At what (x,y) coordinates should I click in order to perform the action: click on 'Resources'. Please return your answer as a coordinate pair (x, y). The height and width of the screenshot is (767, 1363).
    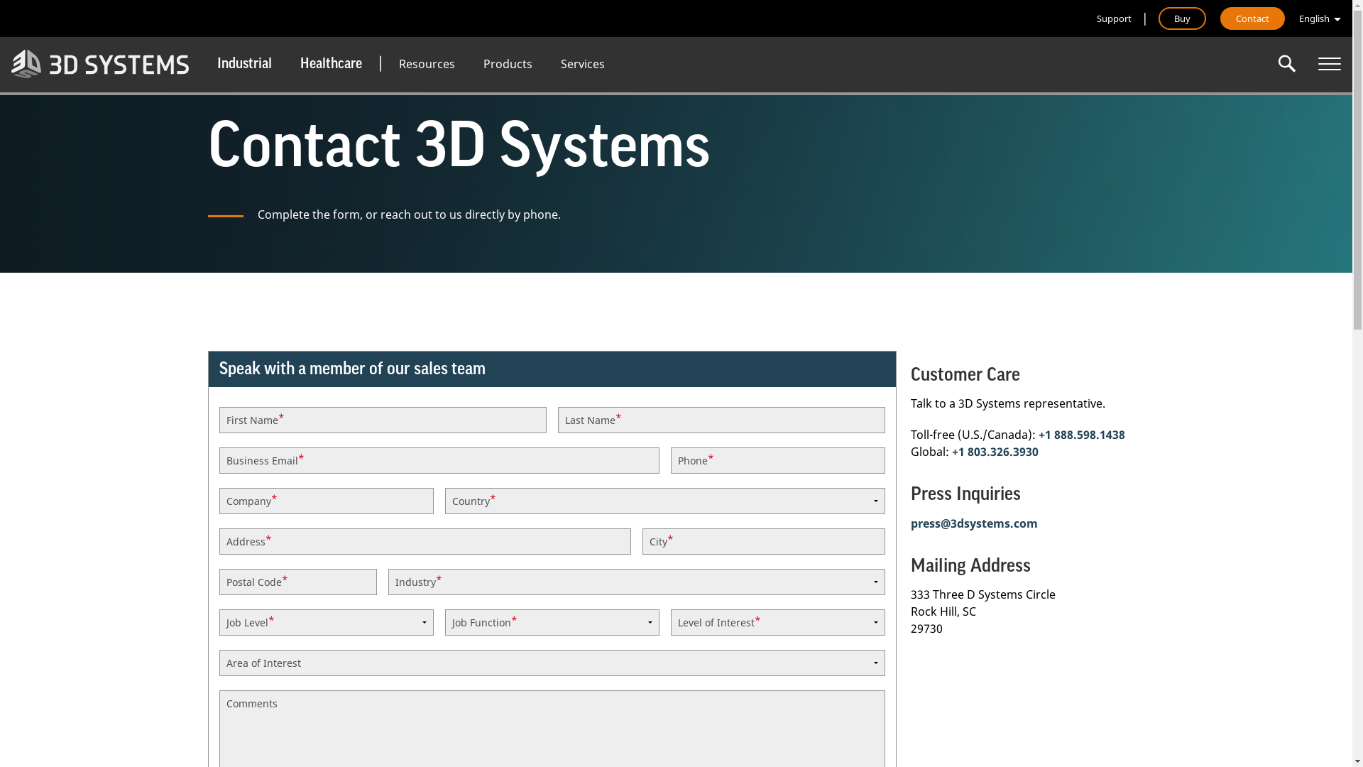
    Looking at the image, I should click on (385, 62).